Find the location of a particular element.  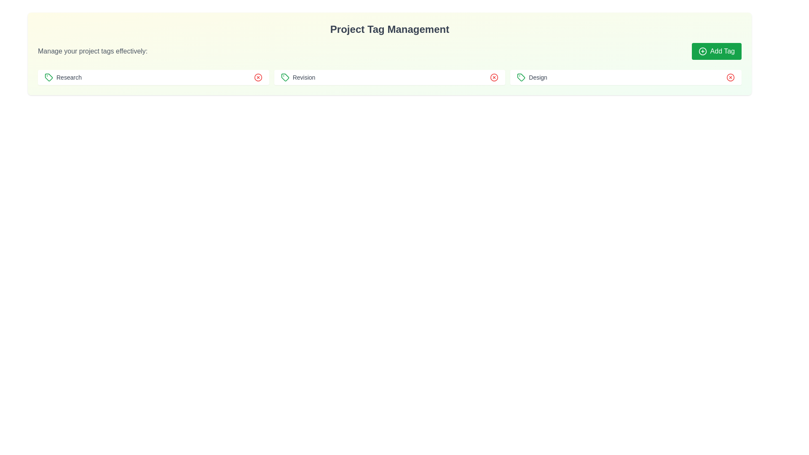

the Icon within the green 'Add Tag' button located in the top-right corner of the interface, which serves as a visual indicator for adding a new tag is located at coordinates (702, 51).